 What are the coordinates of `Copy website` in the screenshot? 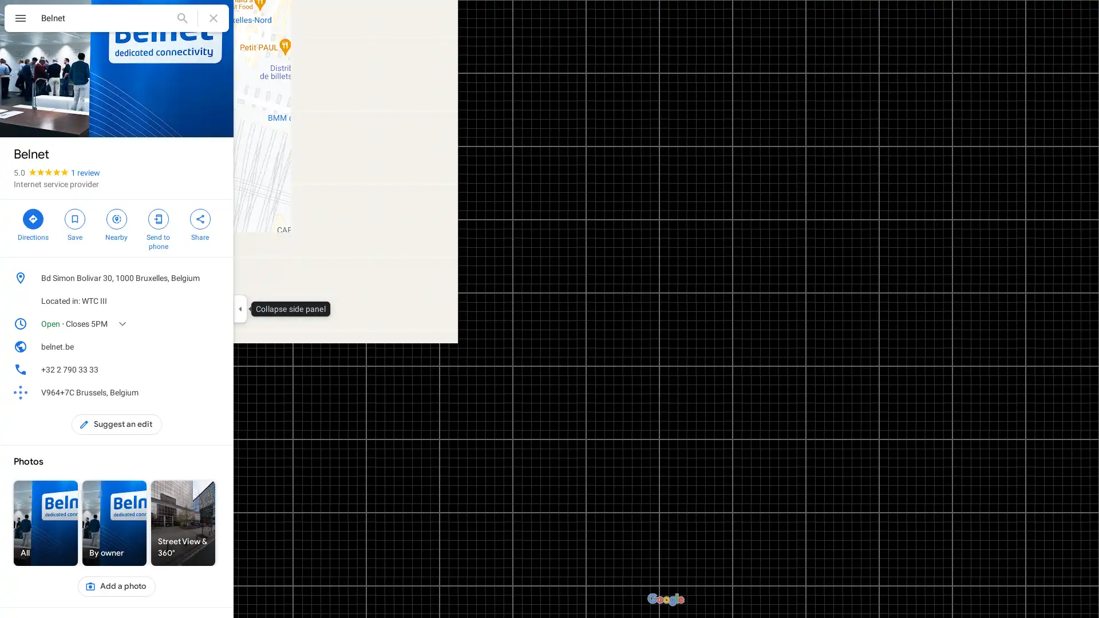 It's located at (214, 346).